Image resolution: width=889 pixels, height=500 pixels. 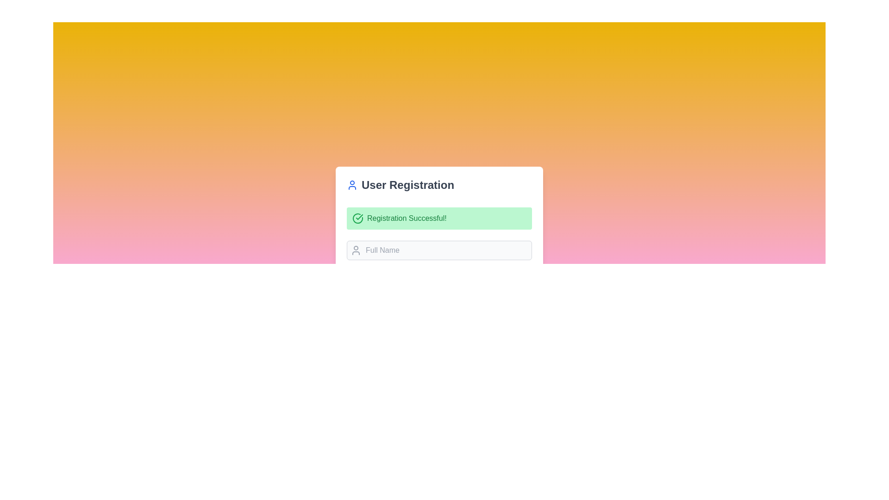 I want to click on the circular part of the confirmation icon located in the green 'Registration Successful!' bar, positioned to the left of the text and near the top-right of the interface, so click(x=357, y=218).